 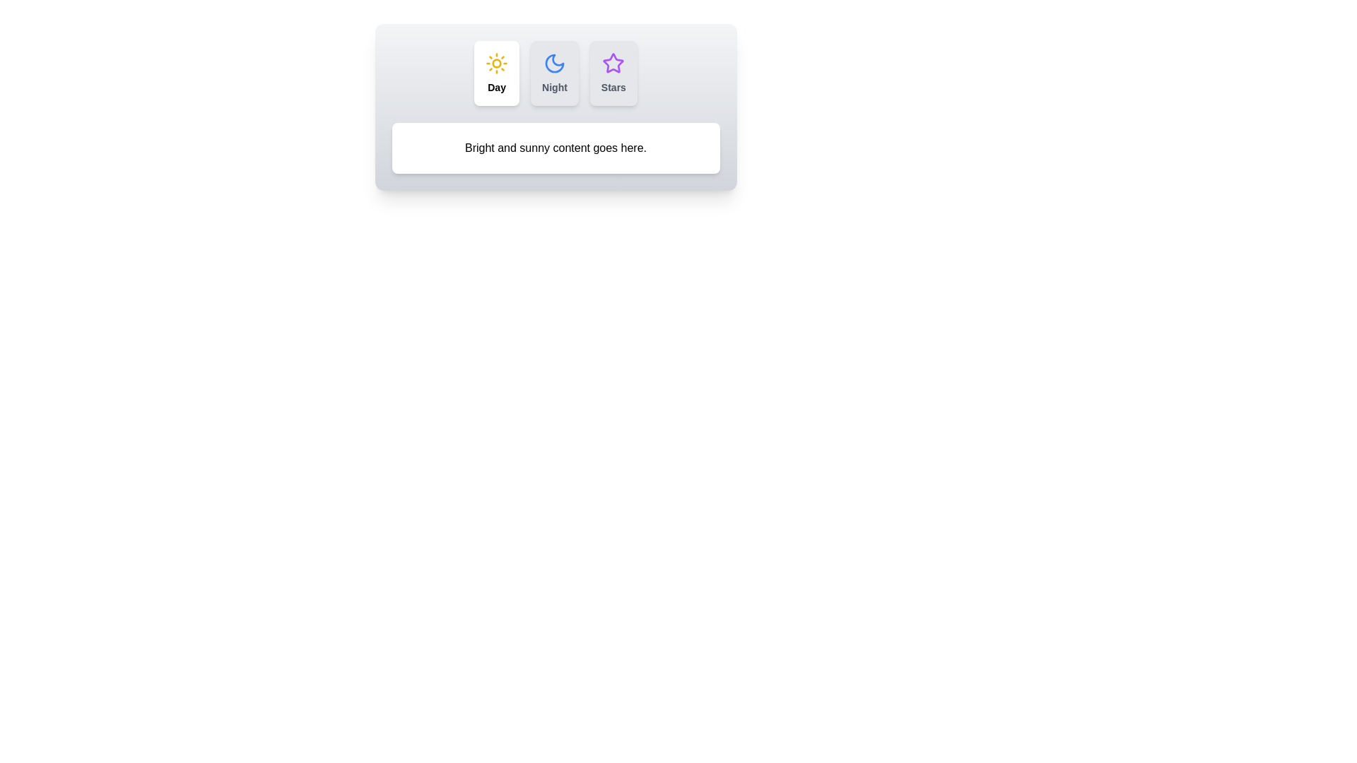 I want to click on the Day tab to trigger its hover effect, so click(x=497, y=73).